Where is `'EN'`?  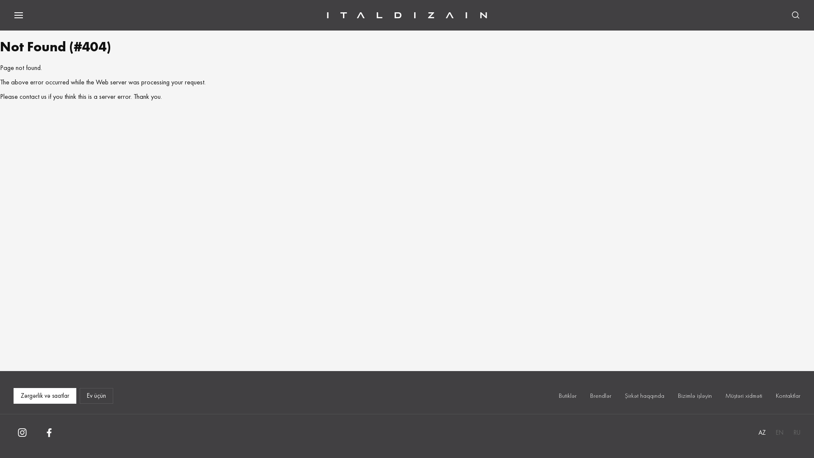
'EN' is located at coordinates (775, 433).